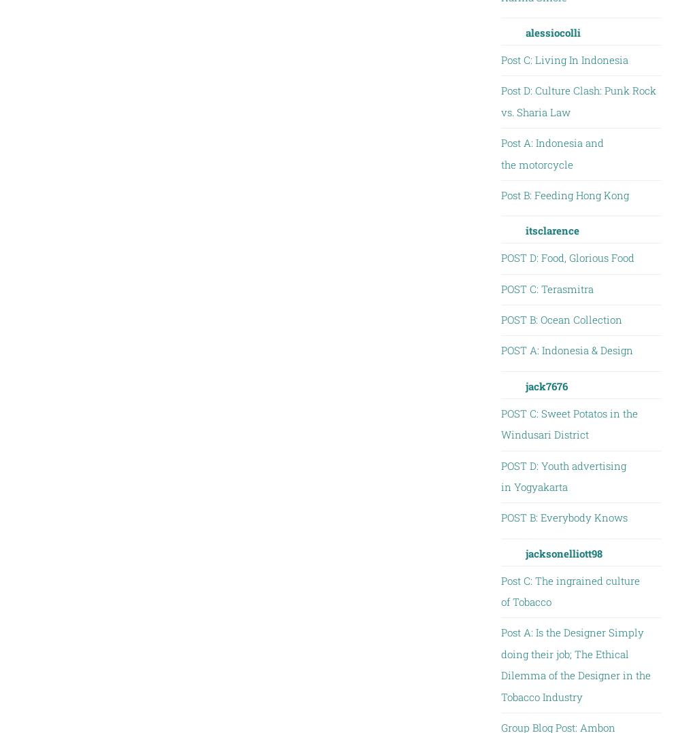  What do you see at coordinates (560, 319) in the screenshot?
I see `'POST B: Ocean Collection'` at bounding box center [560, 319].